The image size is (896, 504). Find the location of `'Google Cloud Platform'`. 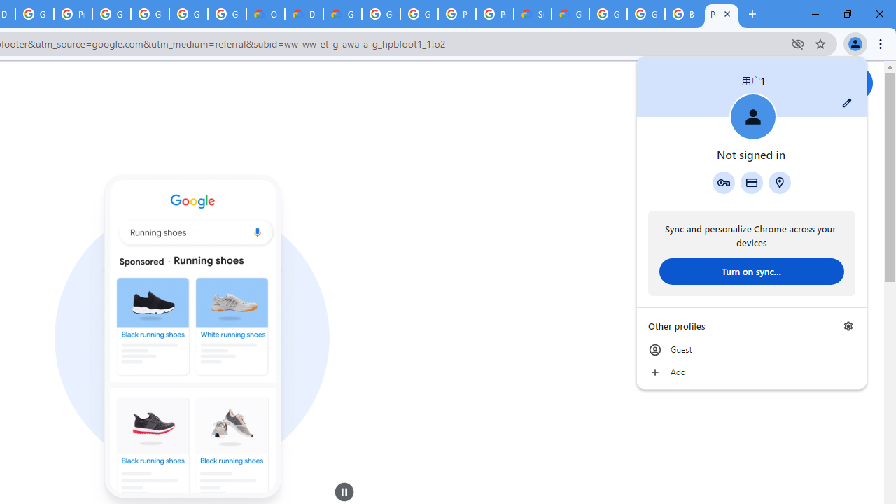

'Google Cloud Platform' is located at coordinates (645, 14).